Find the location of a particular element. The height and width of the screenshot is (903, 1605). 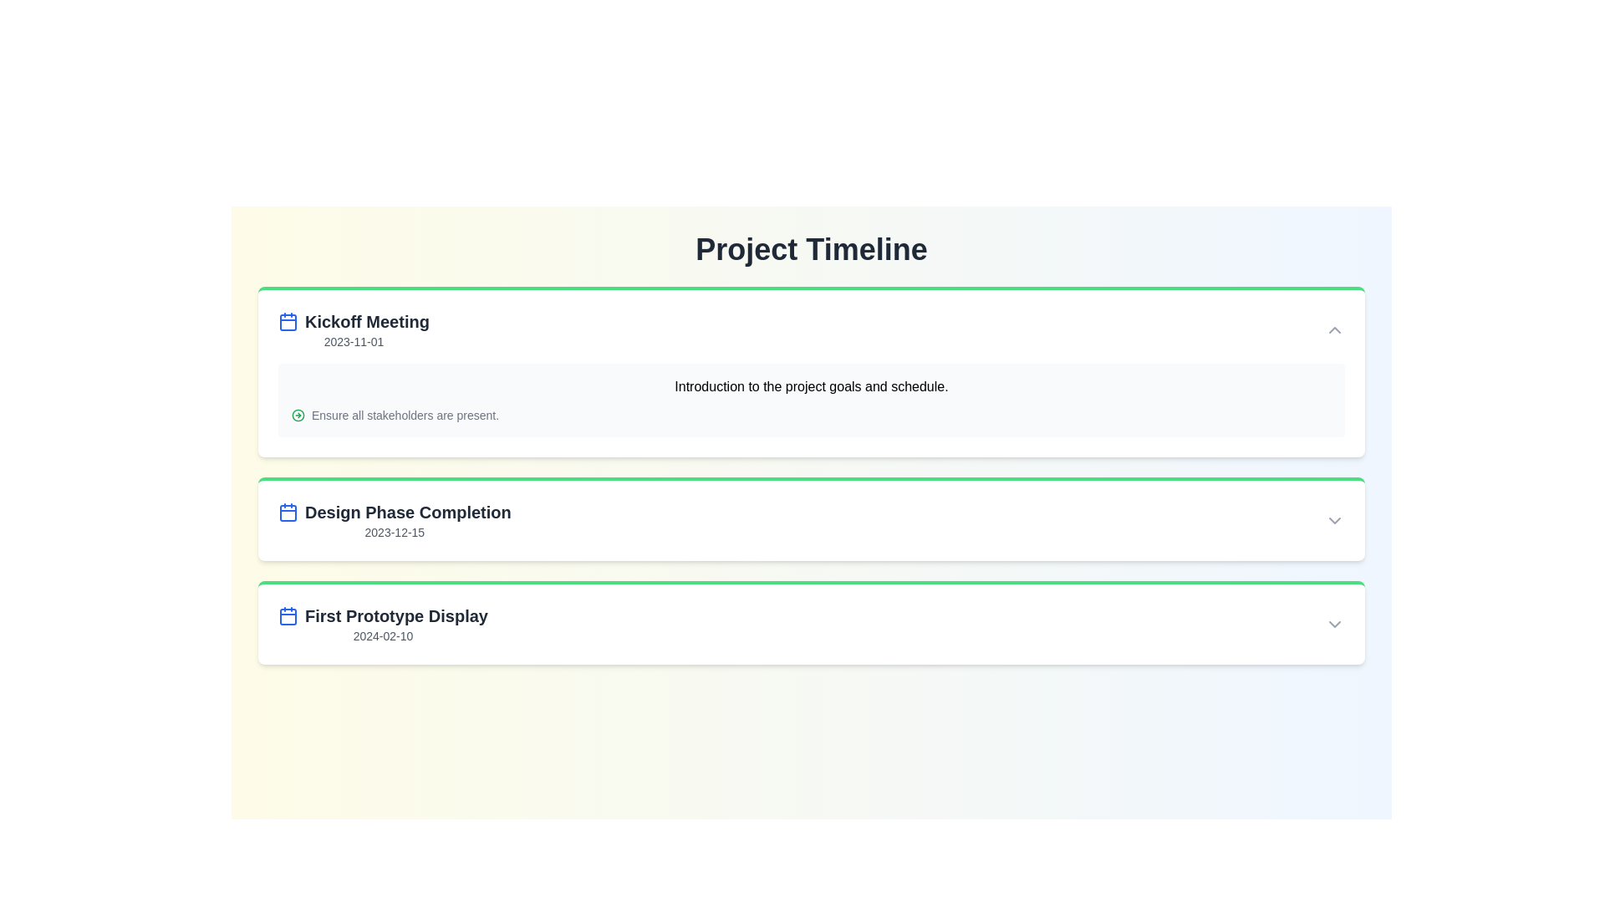

the prominently styled header text displaying 'Project Timeline', which is centrally aligned and located at the top of the page is located at coordinates (811, 250).